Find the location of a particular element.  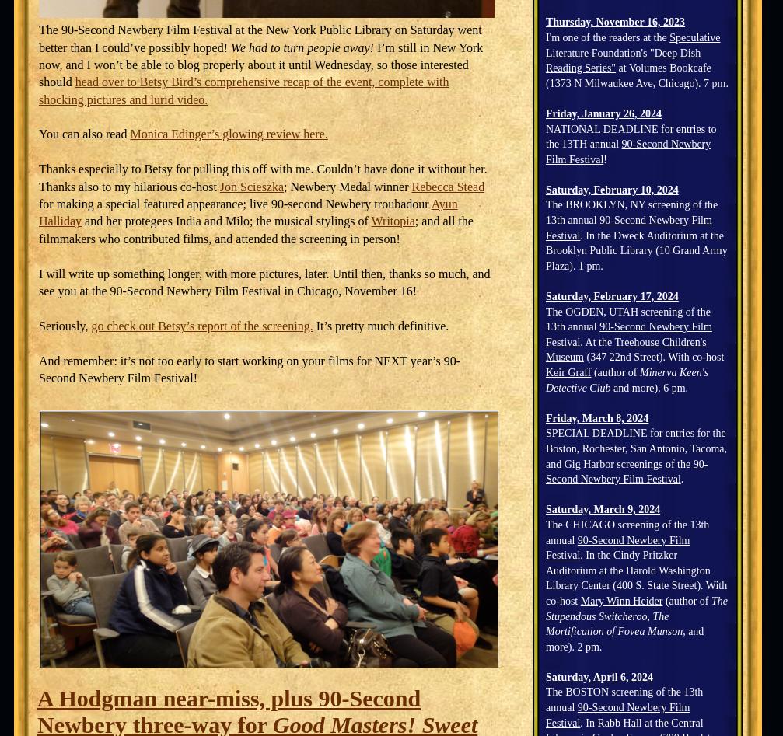

'Mary Winn Heider' is located at coordinates (579, 600).